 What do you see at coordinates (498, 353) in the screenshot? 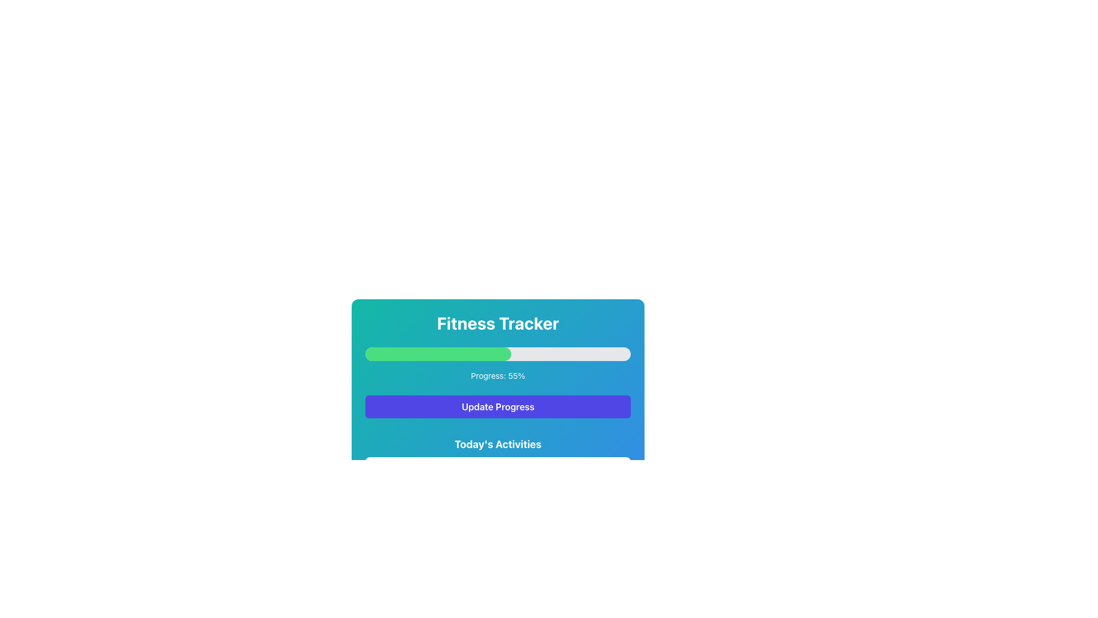
I see `the horizontal progress bar located under the 'Fitness Tracker' title, which is styled with a gray outer frame and a green filled section indicating 55% progress` at bounding box center [498, 353].